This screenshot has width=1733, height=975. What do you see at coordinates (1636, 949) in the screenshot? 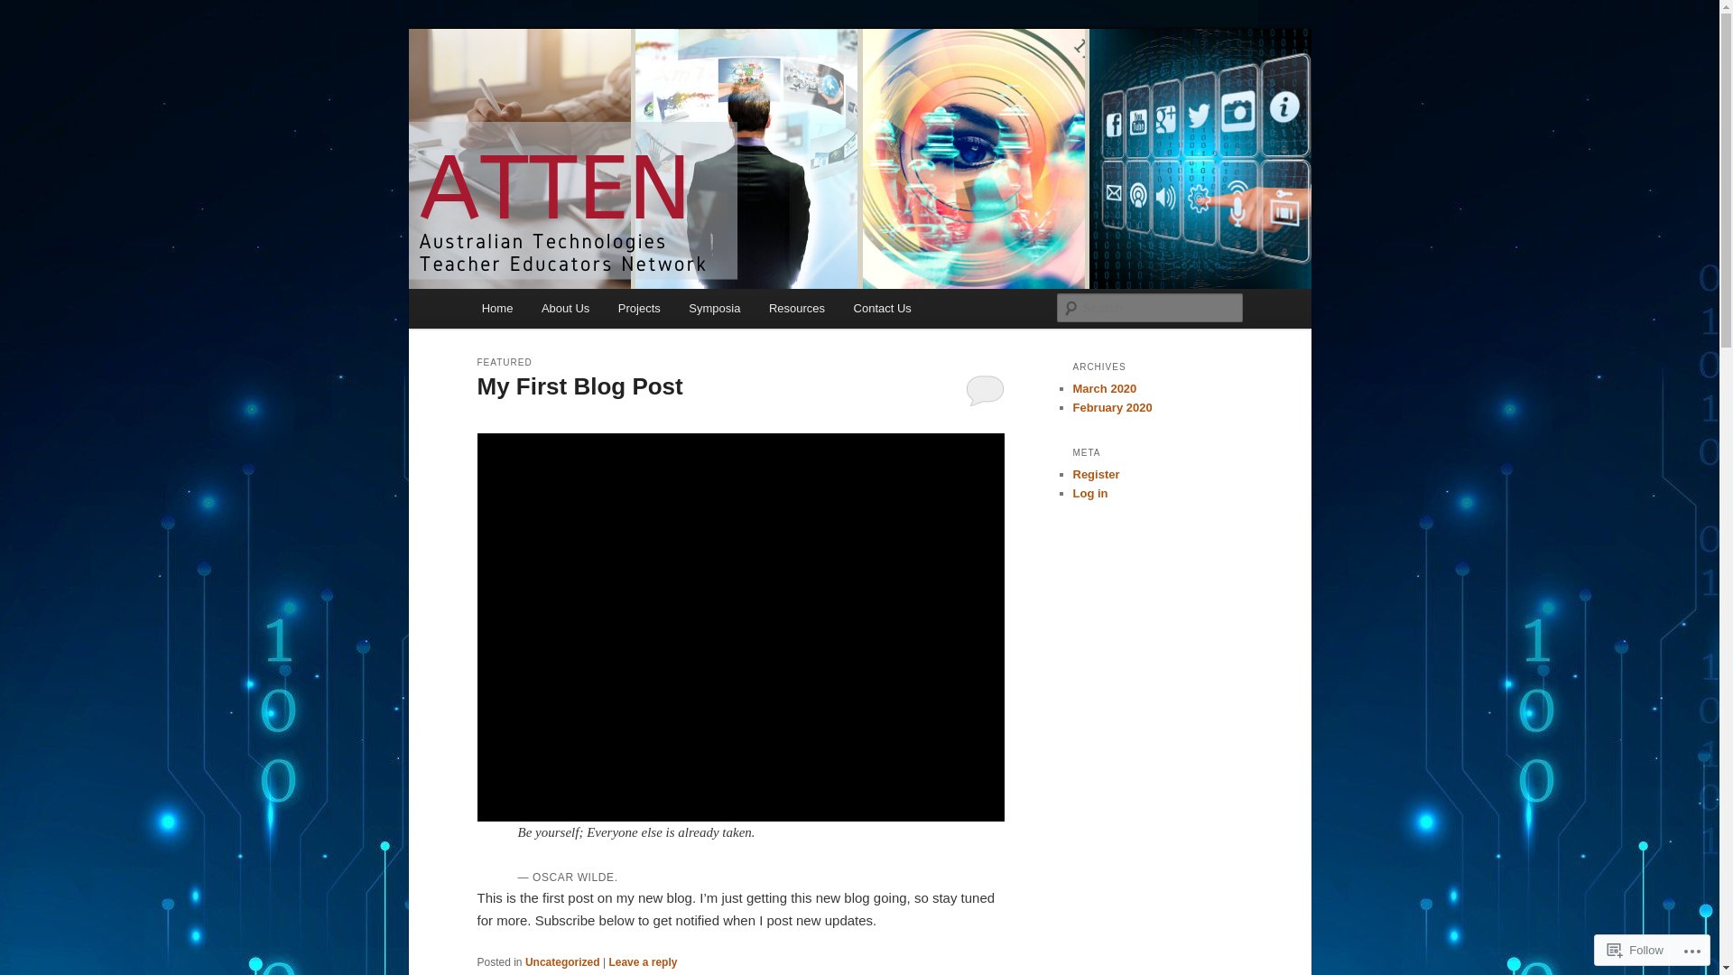
I see `'Follow'` at bounding box center [1636, 949].